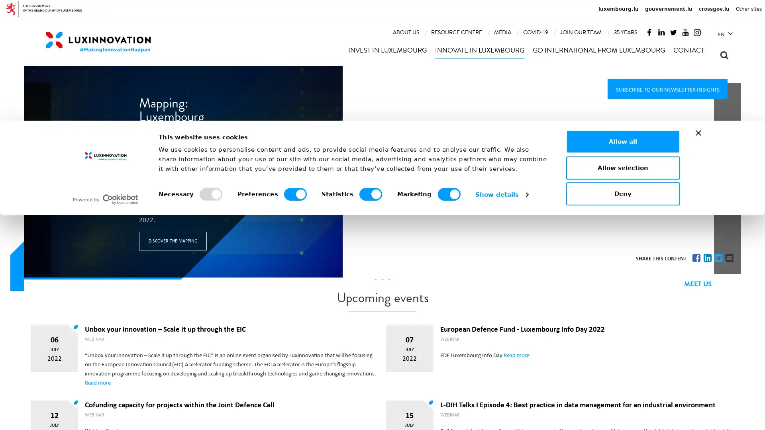 The image size is (765, 430). Describe the element at coordinates (727, 130) in the screenshot. I see `Next` at that location.